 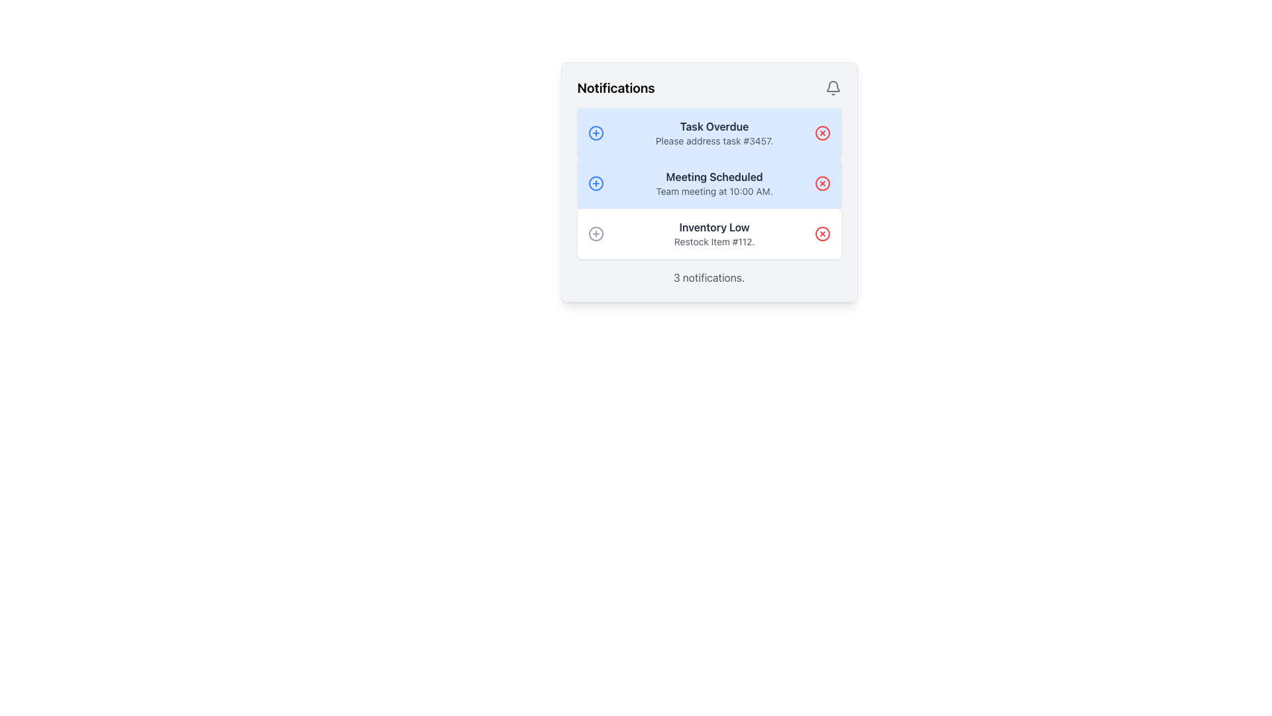 I want to click on the text label that reads 'Restock Item #112.' located below the bolded text 'Inventory Low' in the third notification card, so click(x=714, y=242).